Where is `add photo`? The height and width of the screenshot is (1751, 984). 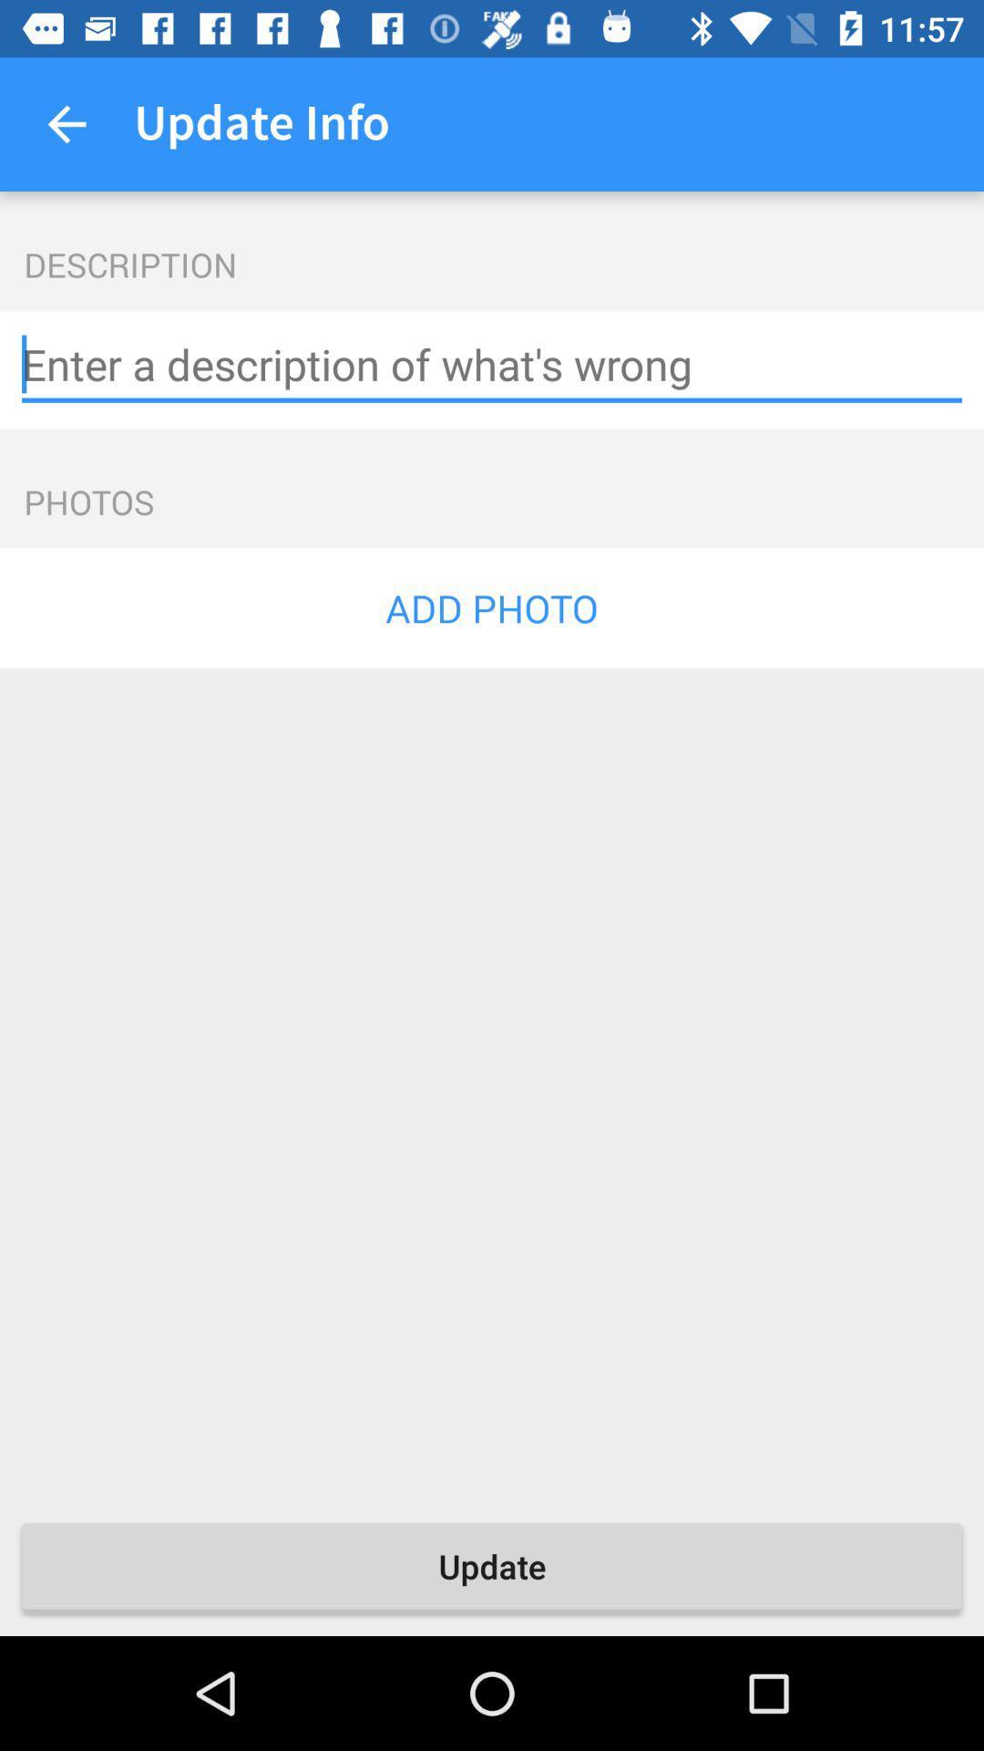 add photo is located at coordinates (492, 608).